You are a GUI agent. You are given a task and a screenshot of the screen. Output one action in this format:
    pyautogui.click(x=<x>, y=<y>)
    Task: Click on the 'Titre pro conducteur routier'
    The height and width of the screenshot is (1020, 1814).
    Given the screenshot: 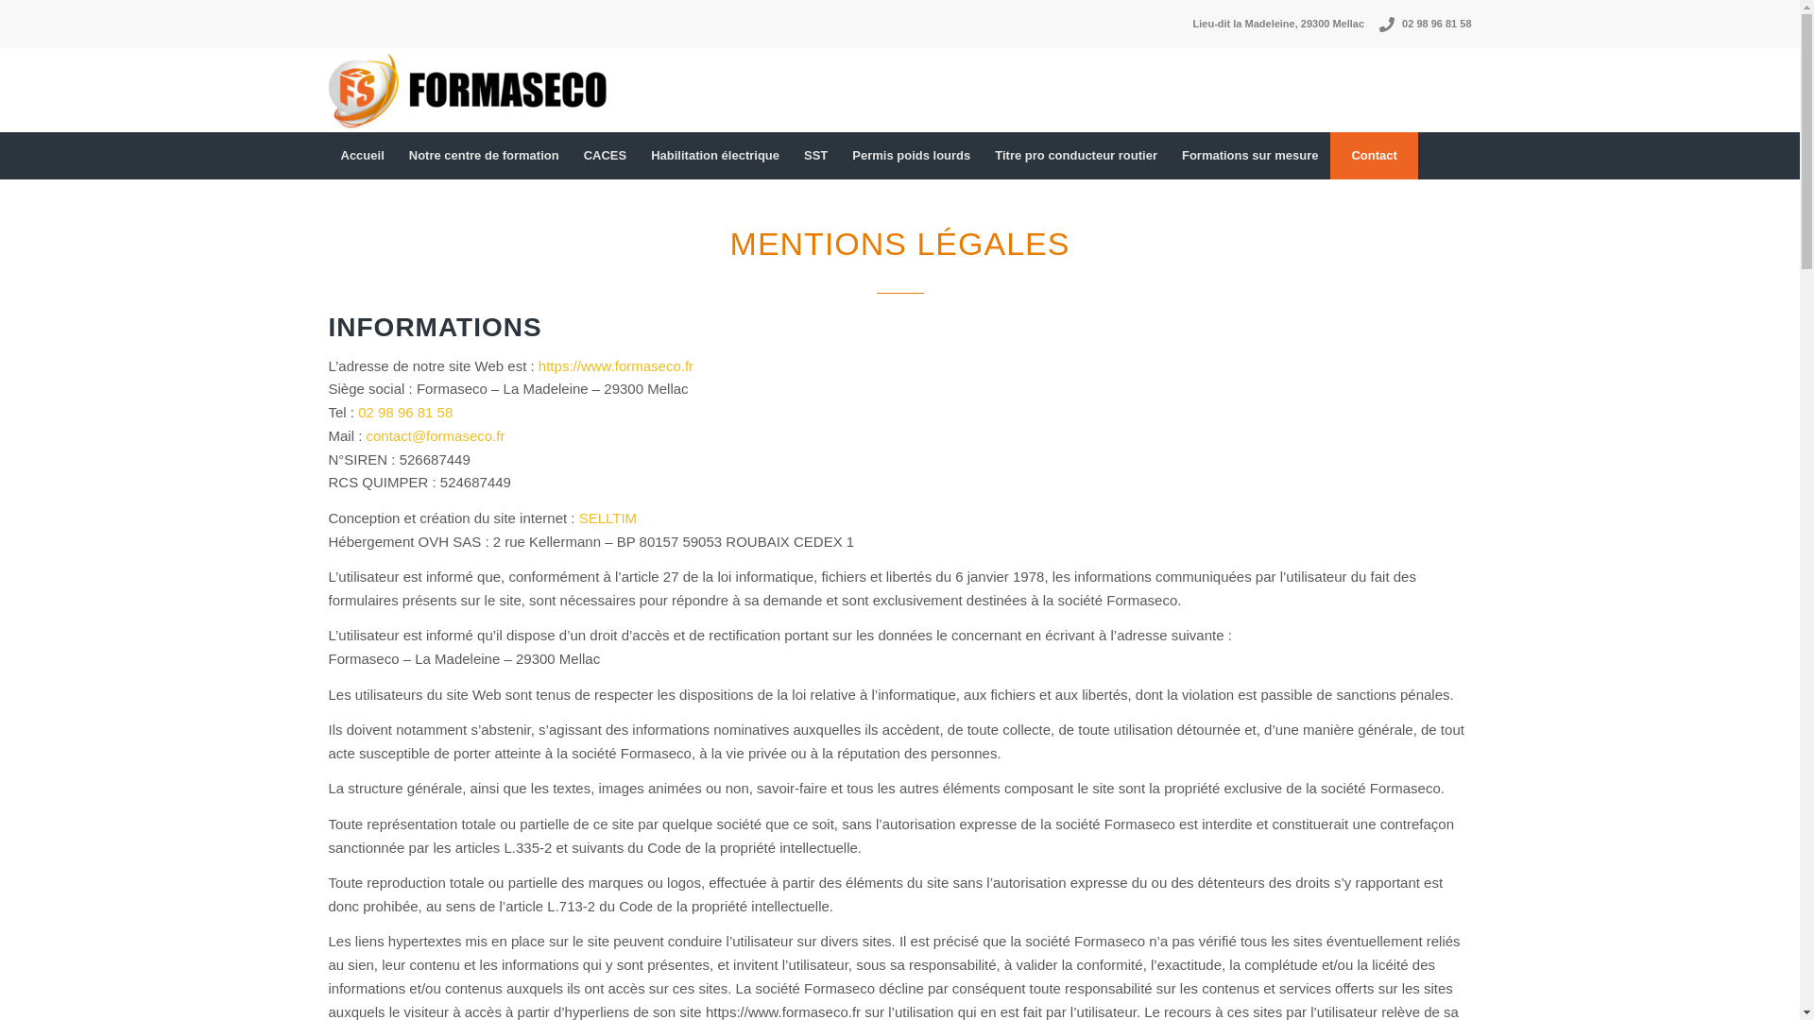 What is the action you would take?
    pyautogui.click(x=1075, y=155)
    